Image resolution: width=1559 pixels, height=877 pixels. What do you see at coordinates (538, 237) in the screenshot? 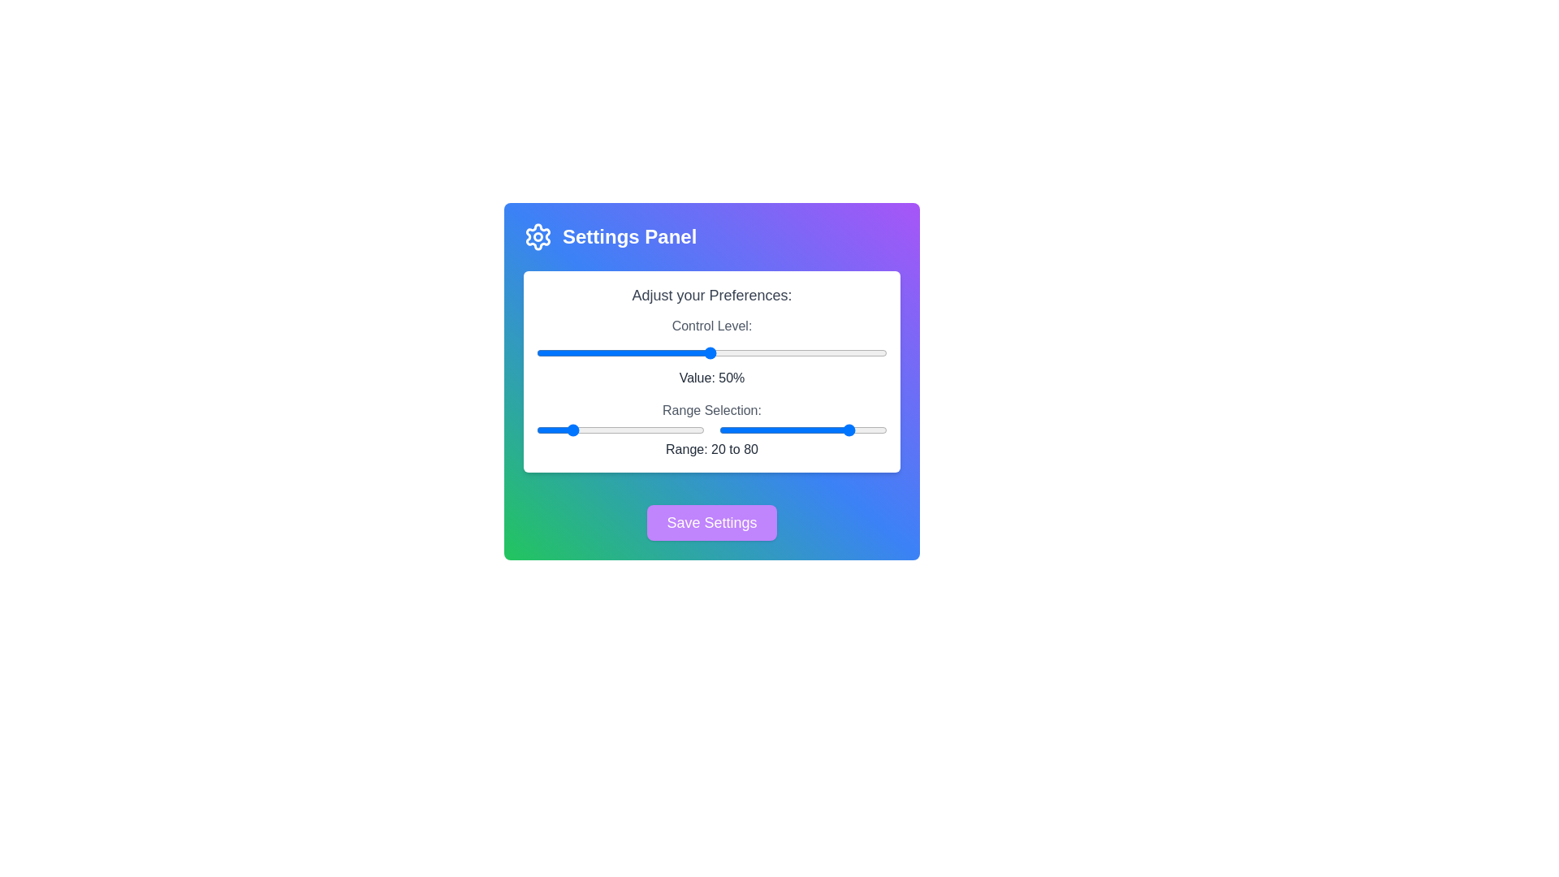
I see `the settings icon, which resembles a gear and is located near the top-left corner of the 'Settings Panel'` at bounding box center [538, 237].